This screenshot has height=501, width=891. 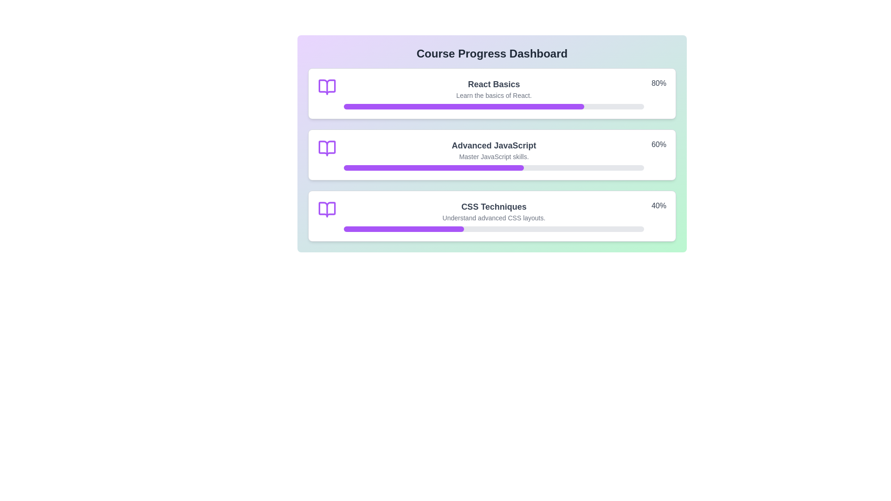 I want to click on the progress completion percentage text label located near the top-right of the first progress card in the vertical stack, so click(x=659, y=83).